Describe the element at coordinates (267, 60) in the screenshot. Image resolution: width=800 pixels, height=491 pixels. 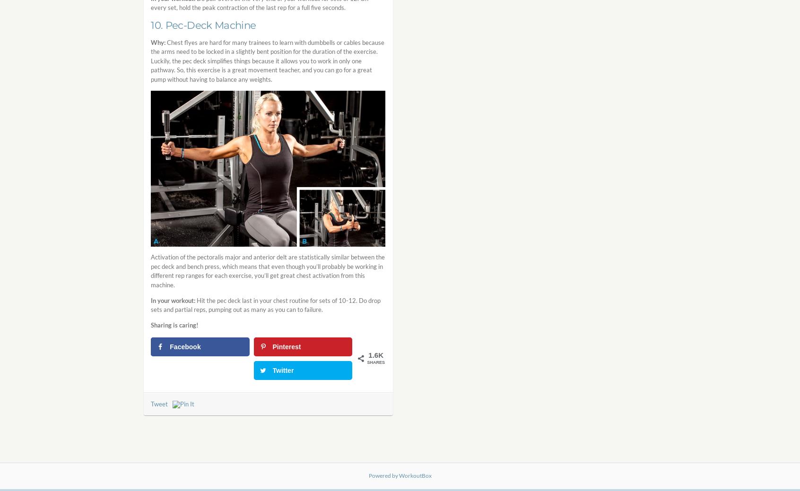
I see `'Chest flyes are hard for many trainees to learn with dumbbells or cables because the arms need to be locked in a slightly bent position for the duration of the exercise. Luckily, the pec deck simplifies things because it allows you to work in only one pathway. So, this exercise is a great movement teacher, and you can go for a great pump without having to balance any weights.'` at that location.